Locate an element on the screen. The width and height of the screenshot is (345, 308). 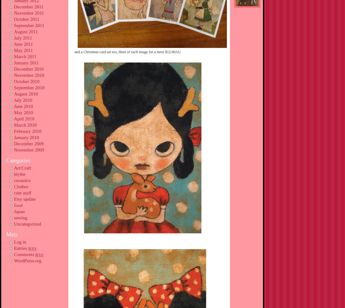
'December 2011' is located at coordinates (28, 6).